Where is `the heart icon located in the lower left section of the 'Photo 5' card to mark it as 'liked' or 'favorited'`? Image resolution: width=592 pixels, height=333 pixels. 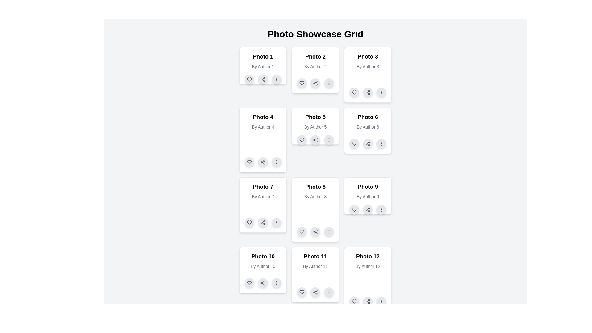 the heart icon located in the lower left section of the 'Photo 5' card to mark it as 'liked' or 'favorited' is located at coordinates (302, 140).